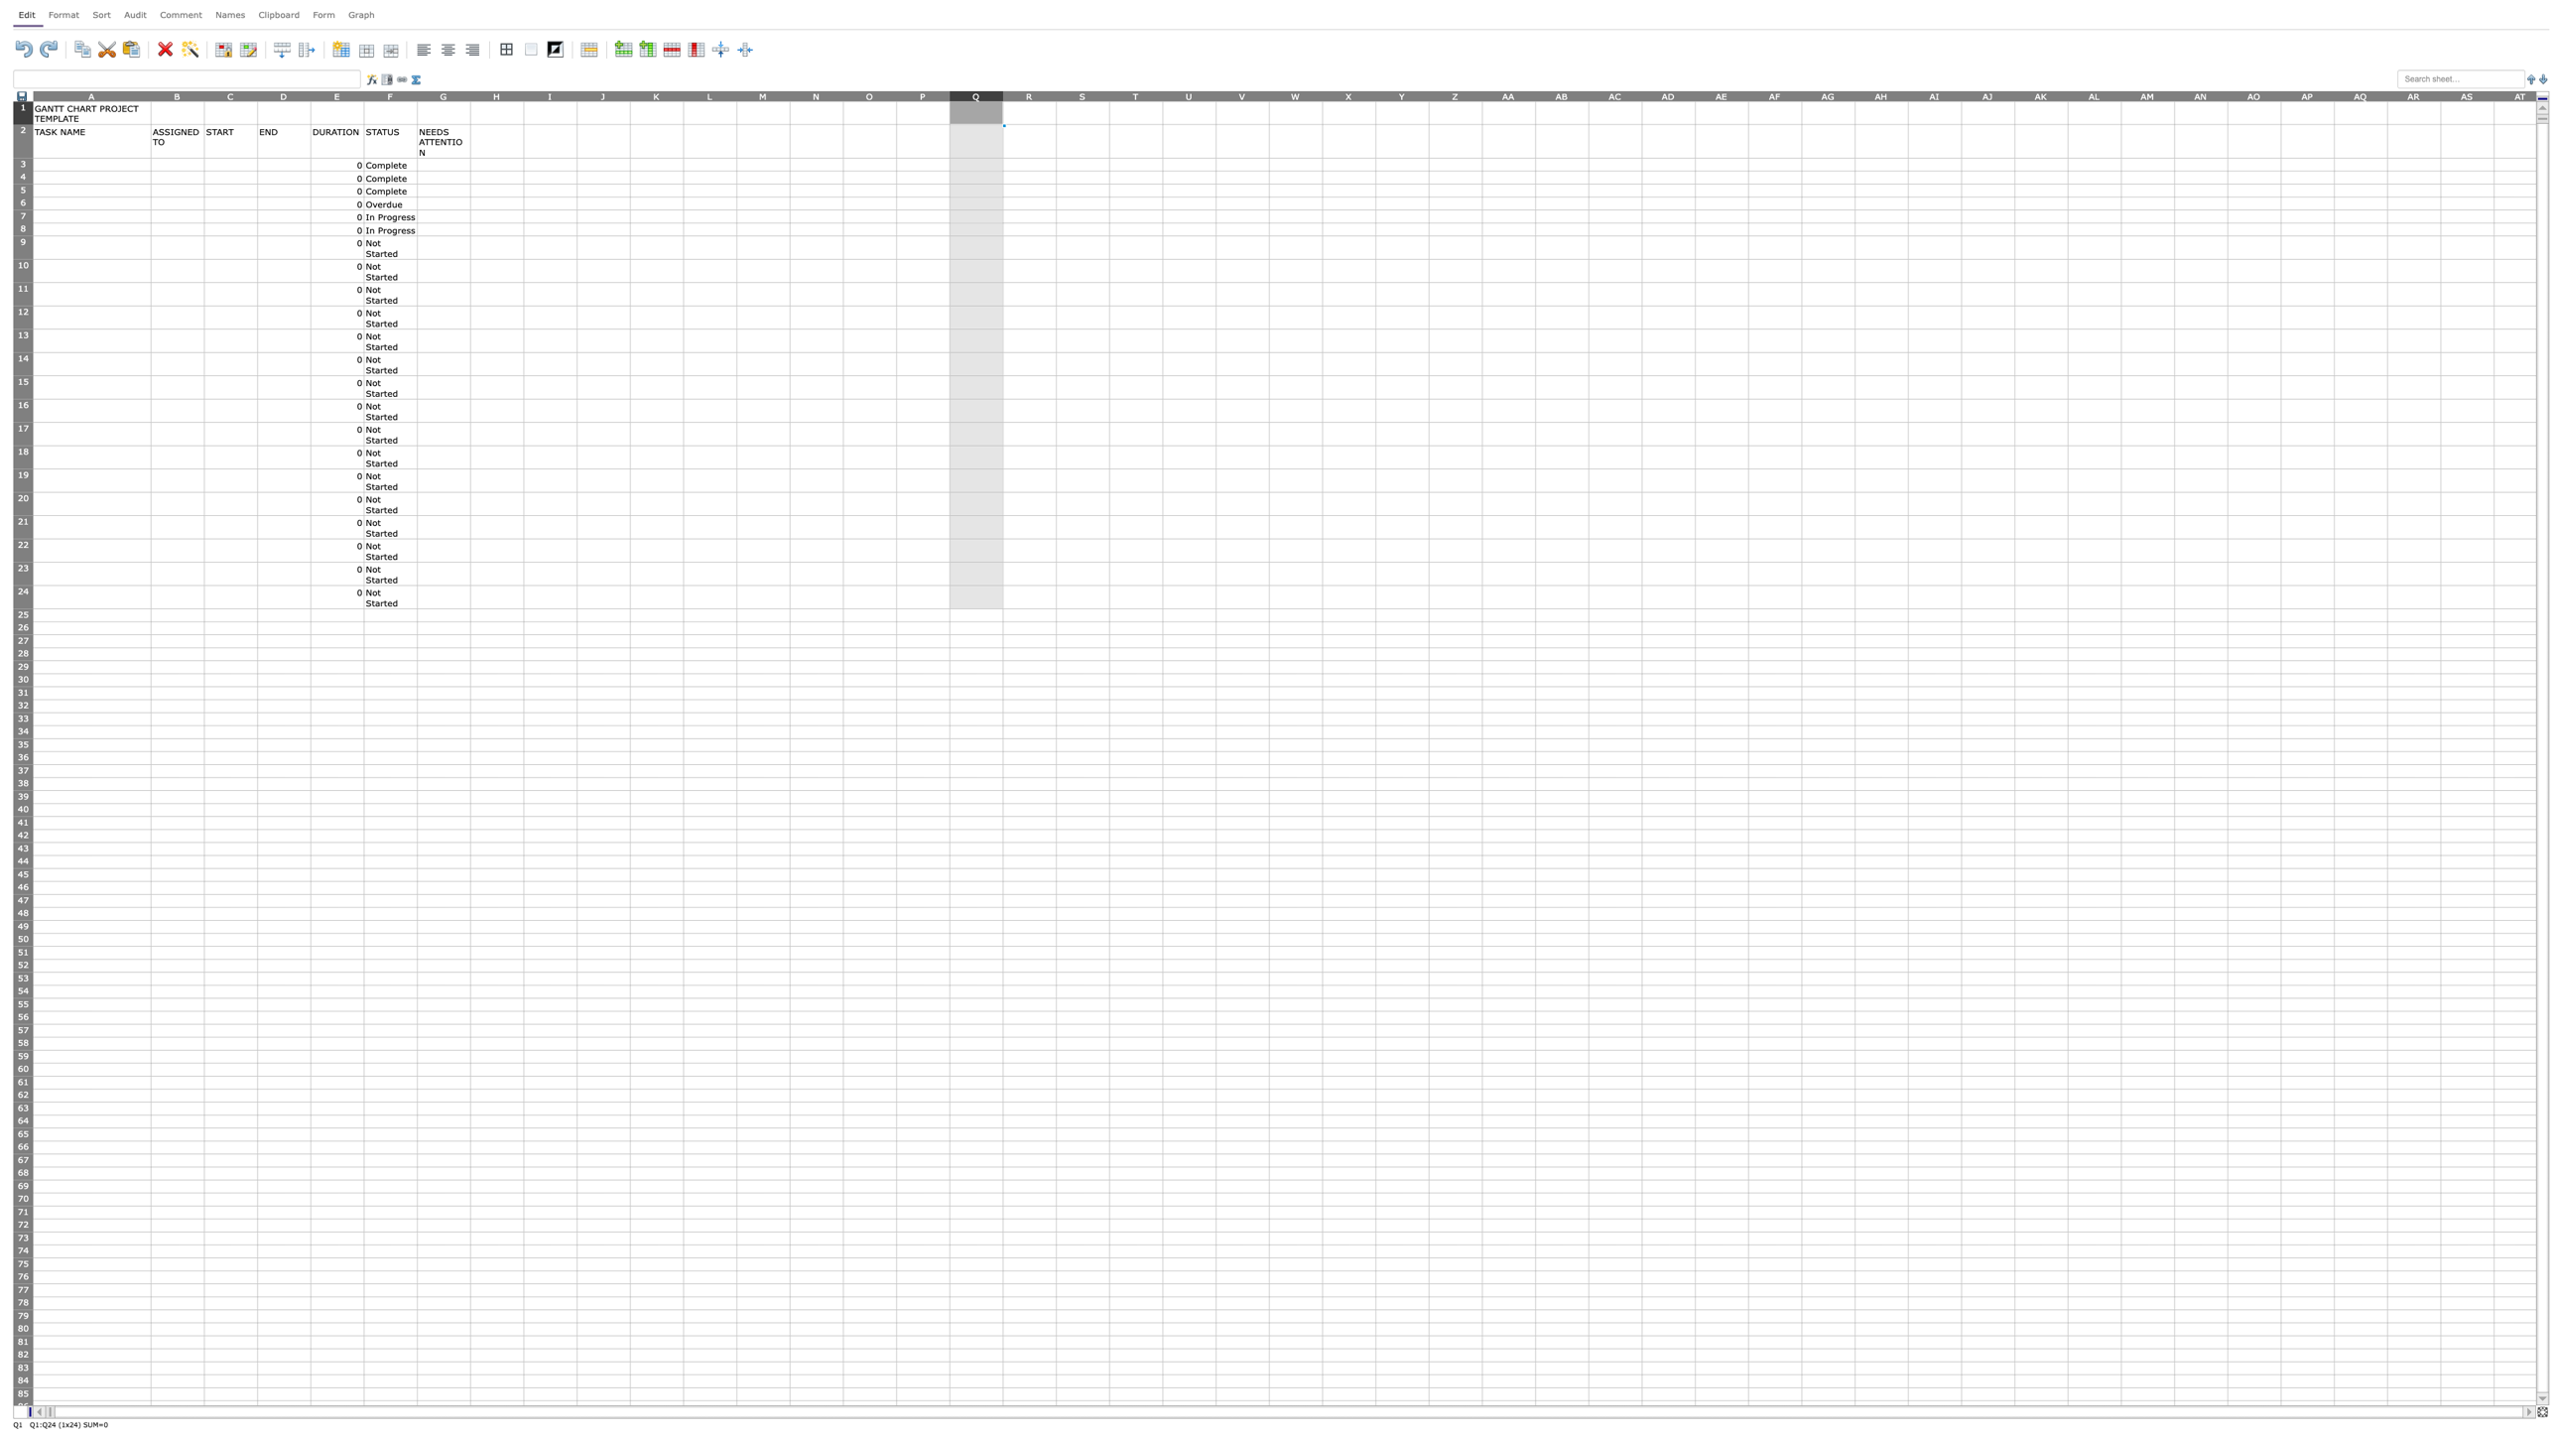  What do you see at coordinates (1216, 94) in the screenshot?
I see `column U's width resize handle` at bounding box center [1216, 94].